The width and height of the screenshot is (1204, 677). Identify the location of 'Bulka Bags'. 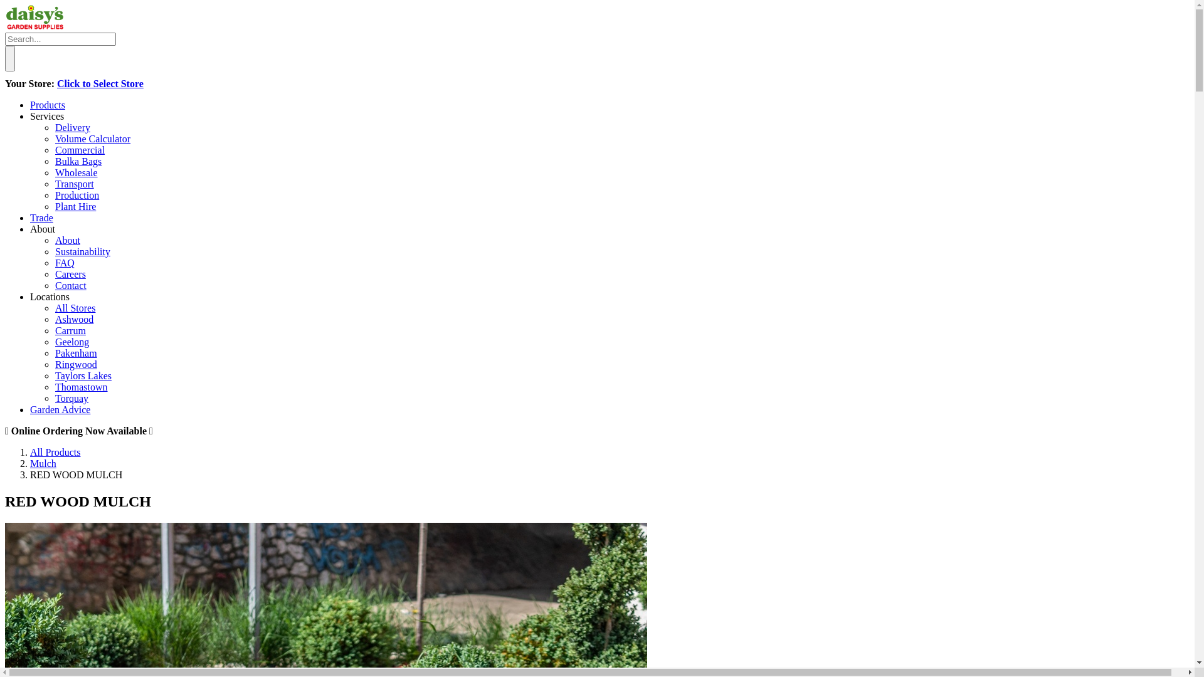
(77, 160).